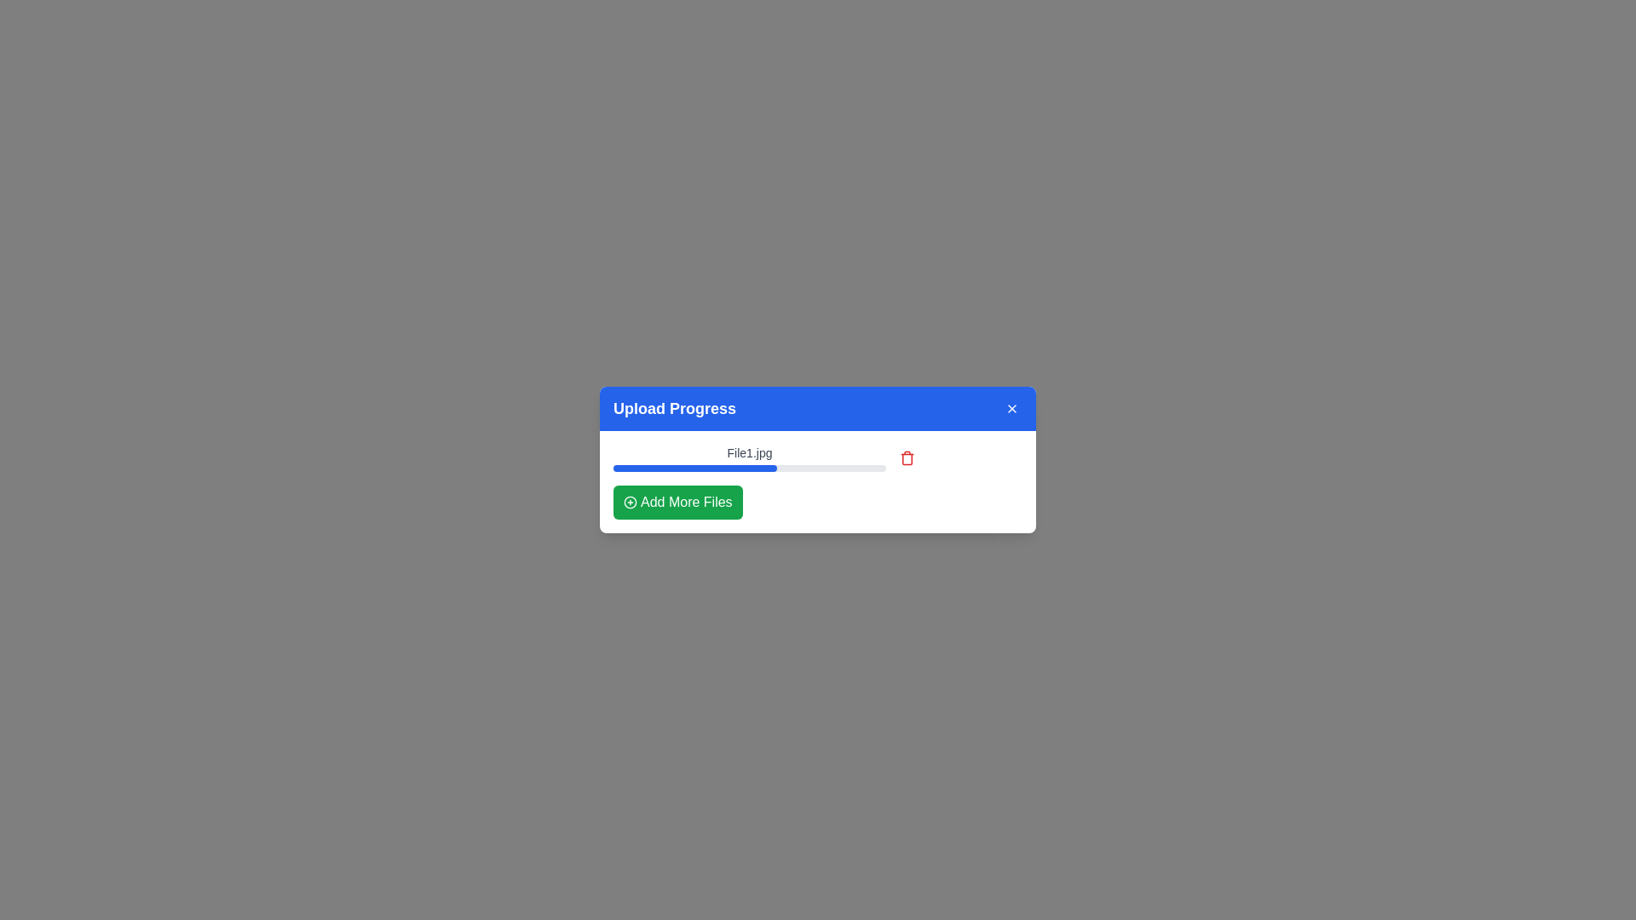 The image size is (1636, 920). Describe the element at coordinates (1012, 408) in the screenshot. I see `the close button located in the top-right corner of the 'Upload Progress' section` at that location.